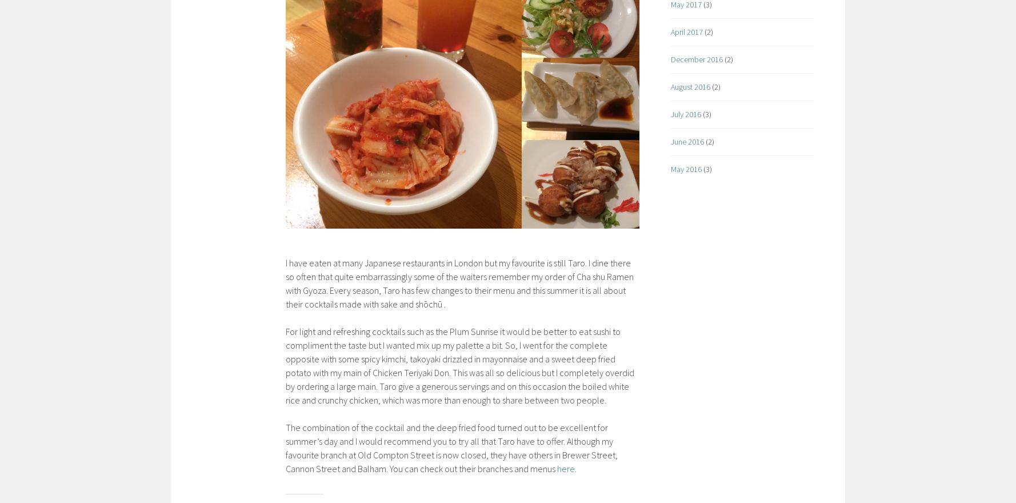  What do you see at coordinates (696, 58) in the screenshot?
I see `'December 2016'` at bounding box center [696, 58].